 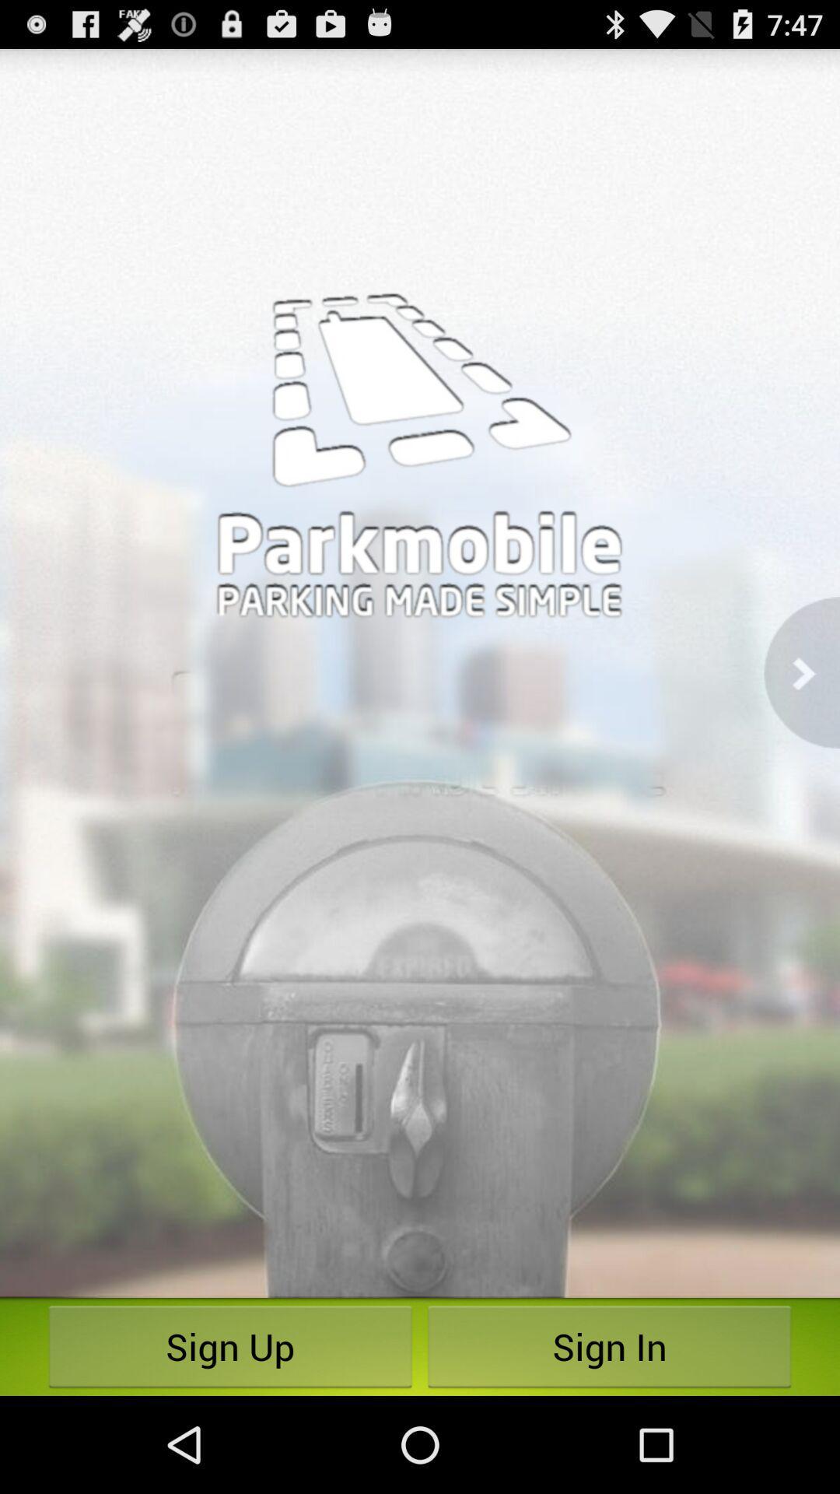 I want to click on sign in, so click(x=608, y=1346).